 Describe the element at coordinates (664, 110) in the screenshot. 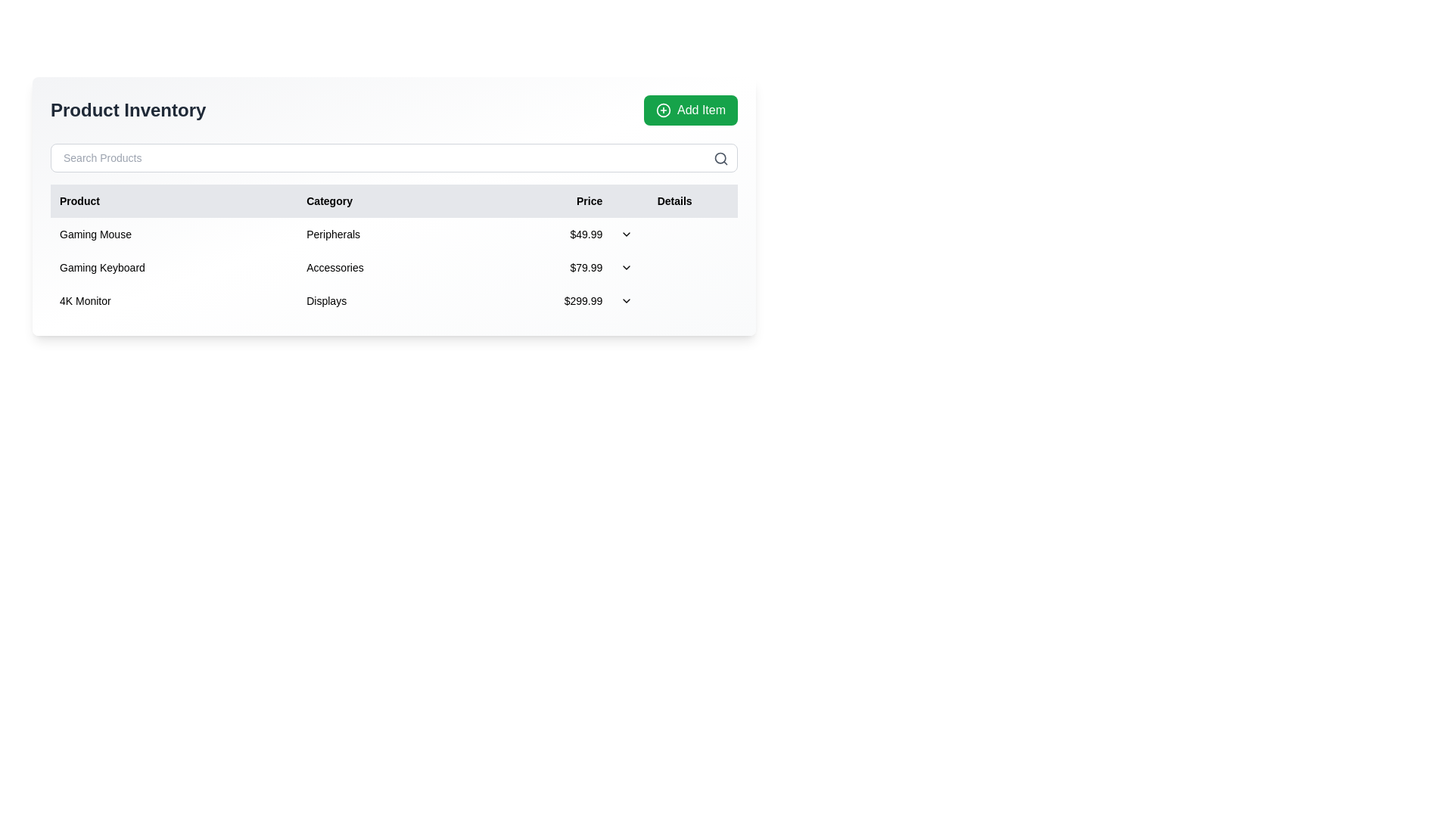

I see `the circular decorative element within the 'Add Item' button located in the top-right corner of the application interface` at that location.